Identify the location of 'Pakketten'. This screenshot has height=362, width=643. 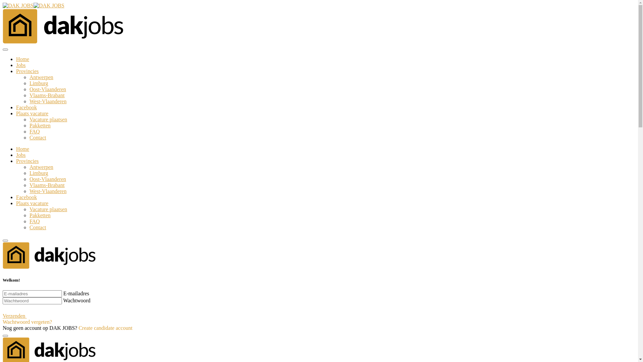
(40, 125).